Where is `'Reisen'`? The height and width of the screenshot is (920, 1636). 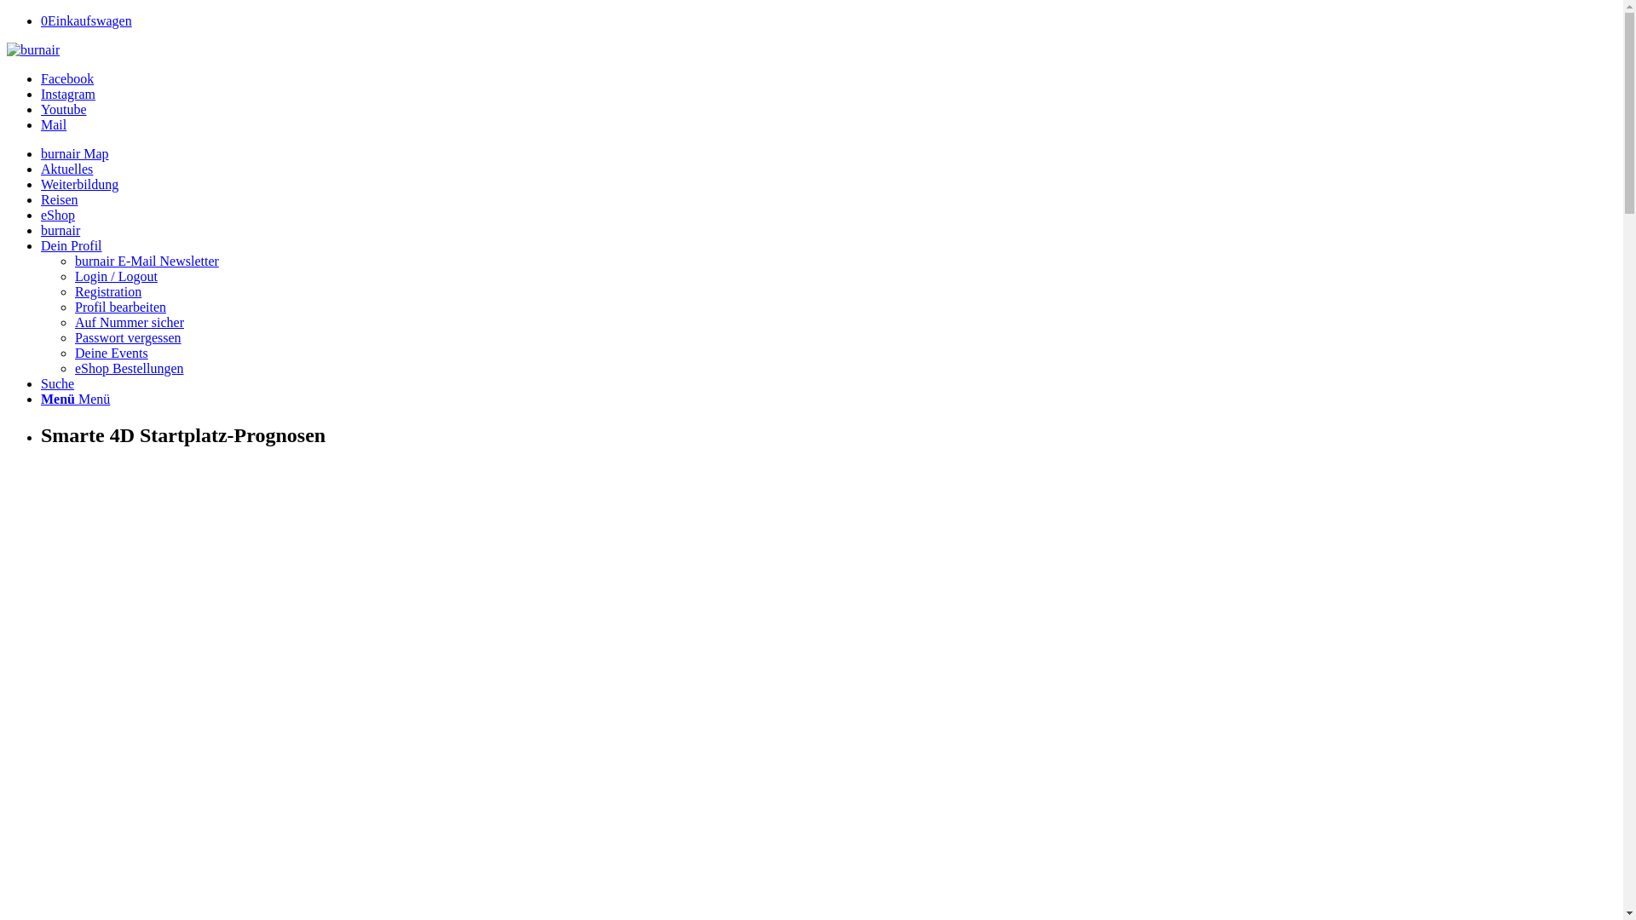
'Reisen' is located at coordinates (60, 198).